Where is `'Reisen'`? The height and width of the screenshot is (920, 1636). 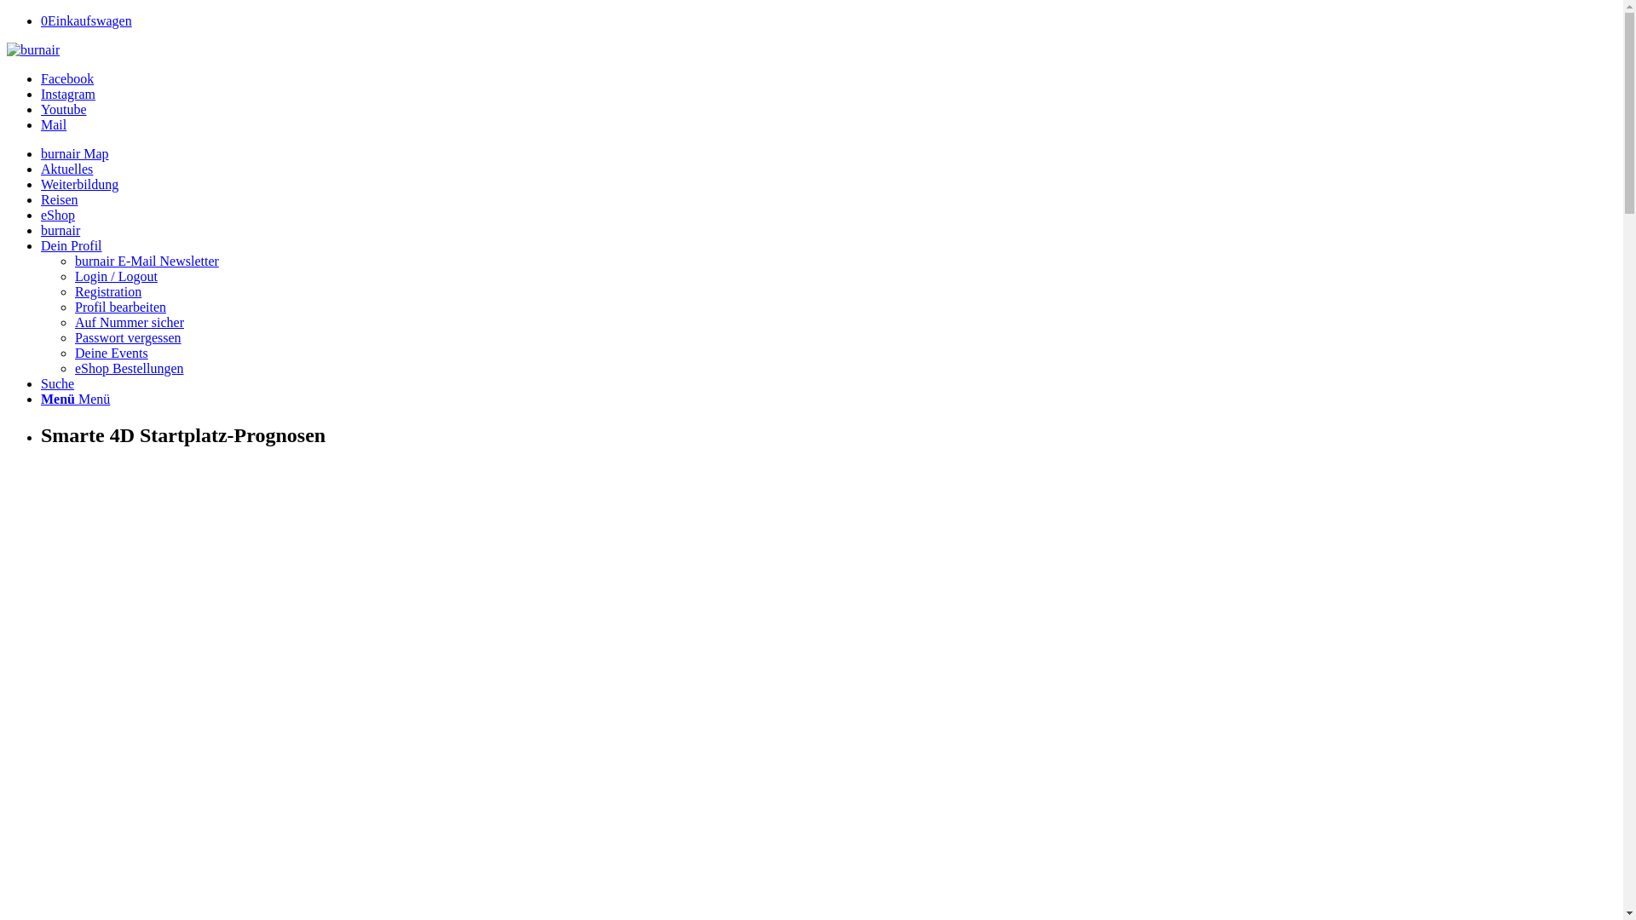
'Reisen' is located at coordinates (60, 198).